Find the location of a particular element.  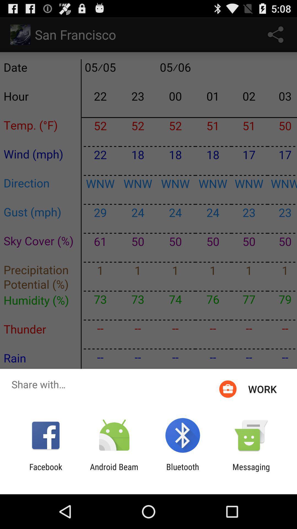

facebook item is located at coordinates (45, 471).